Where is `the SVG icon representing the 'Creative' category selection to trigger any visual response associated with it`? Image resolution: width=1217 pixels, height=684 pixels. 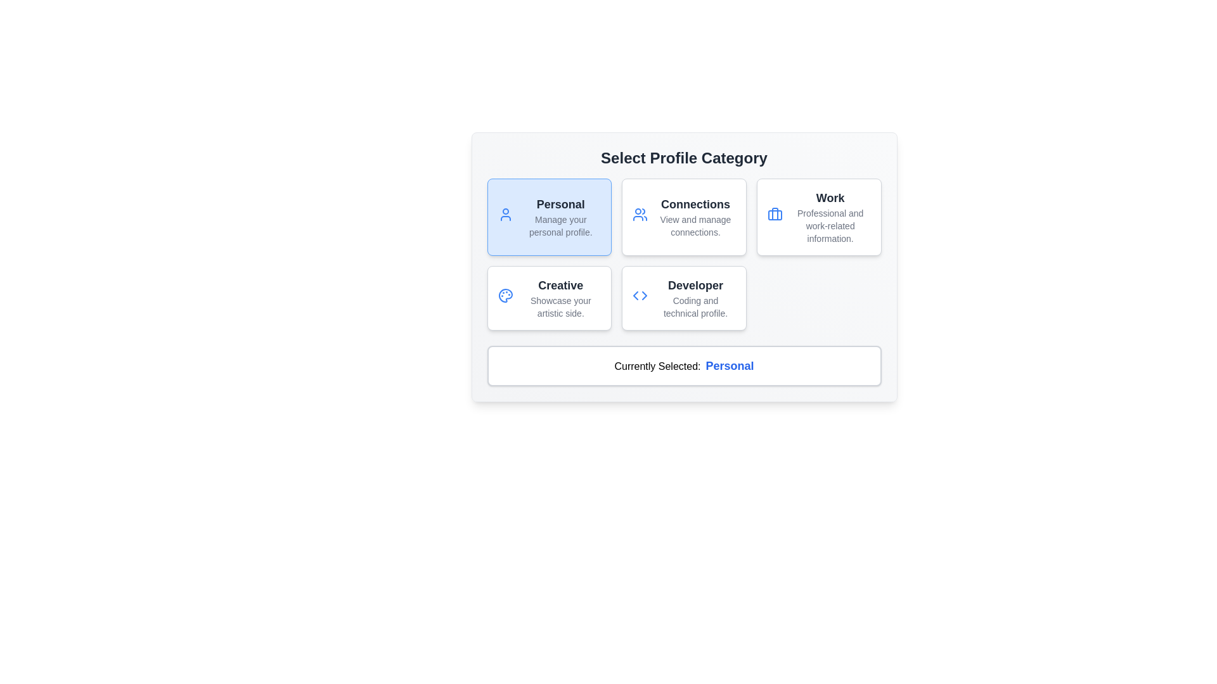
the SVG icon representing the 'Creative' category selection to trigger any visual response associated with it is located at coordinates (505, 295).